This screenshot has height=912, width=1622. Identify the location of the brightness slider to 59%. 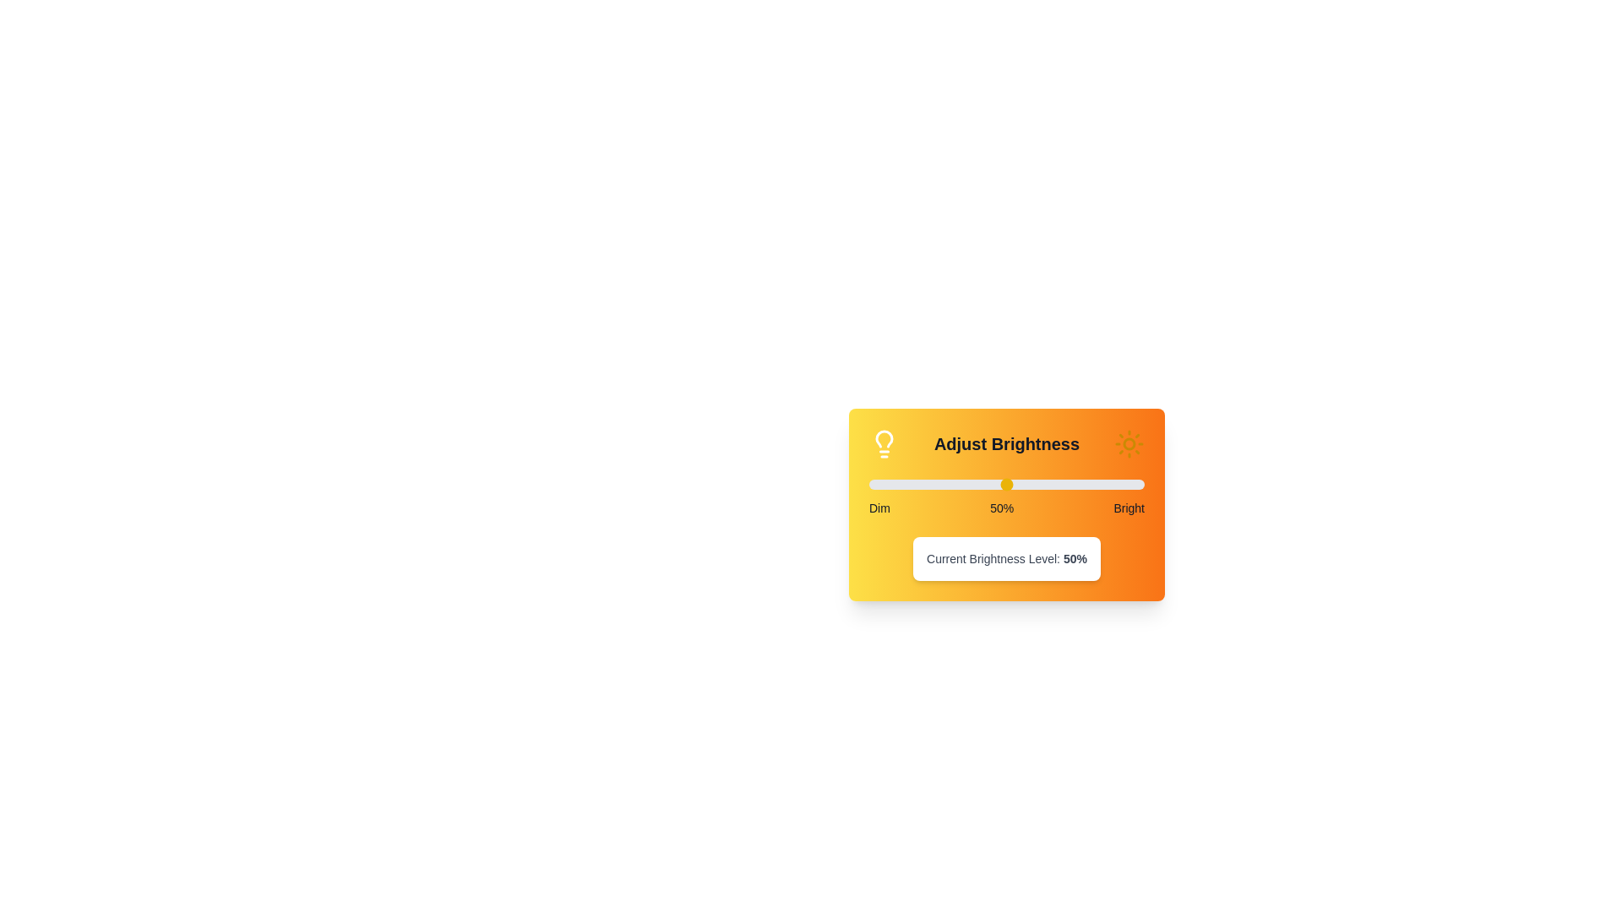
(1031, 485).